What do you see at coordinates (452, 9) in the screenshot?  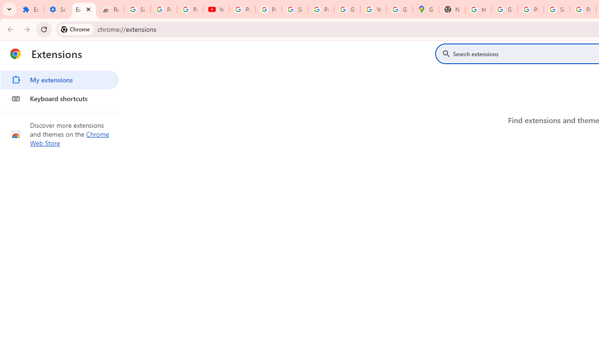 I see `'New Tab'` at bounding box center [452, 9].